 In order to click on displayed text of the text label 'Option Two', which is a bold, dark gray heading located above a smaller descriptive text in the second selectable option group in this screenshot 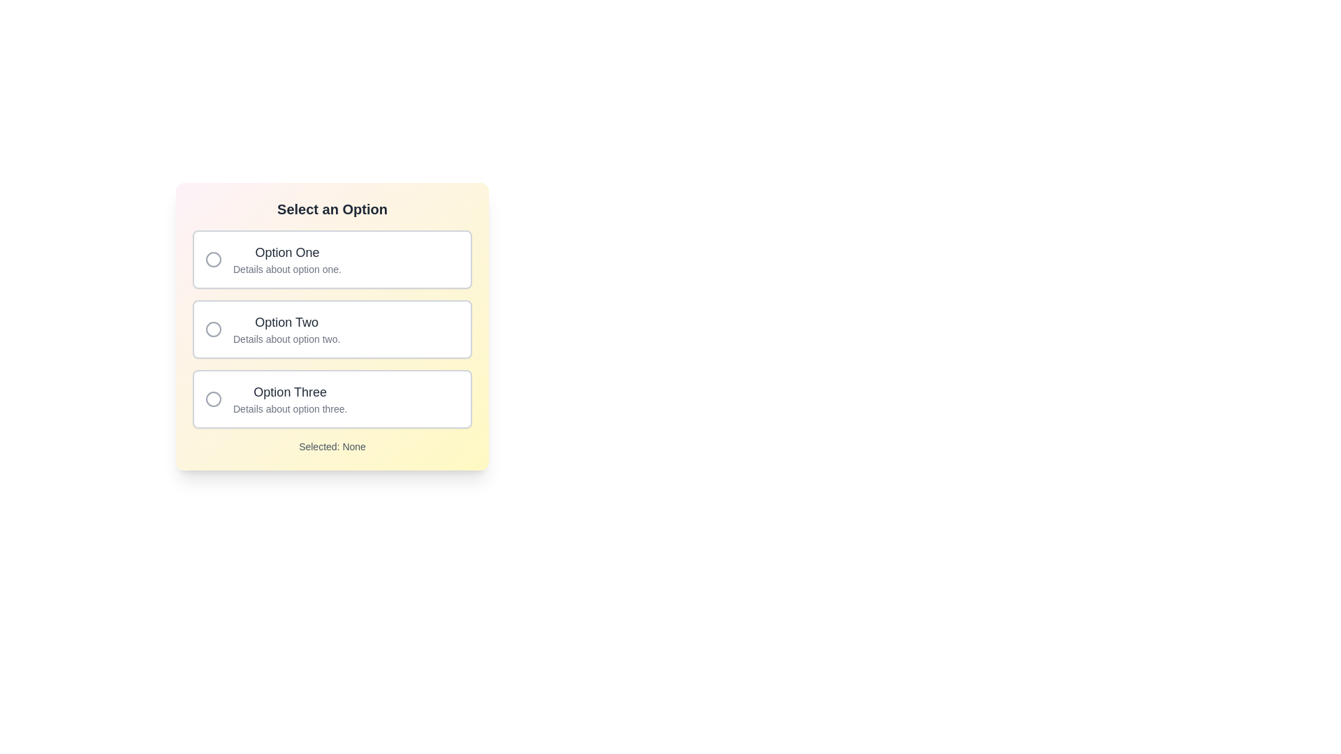, I will do `click(286, 323)`.